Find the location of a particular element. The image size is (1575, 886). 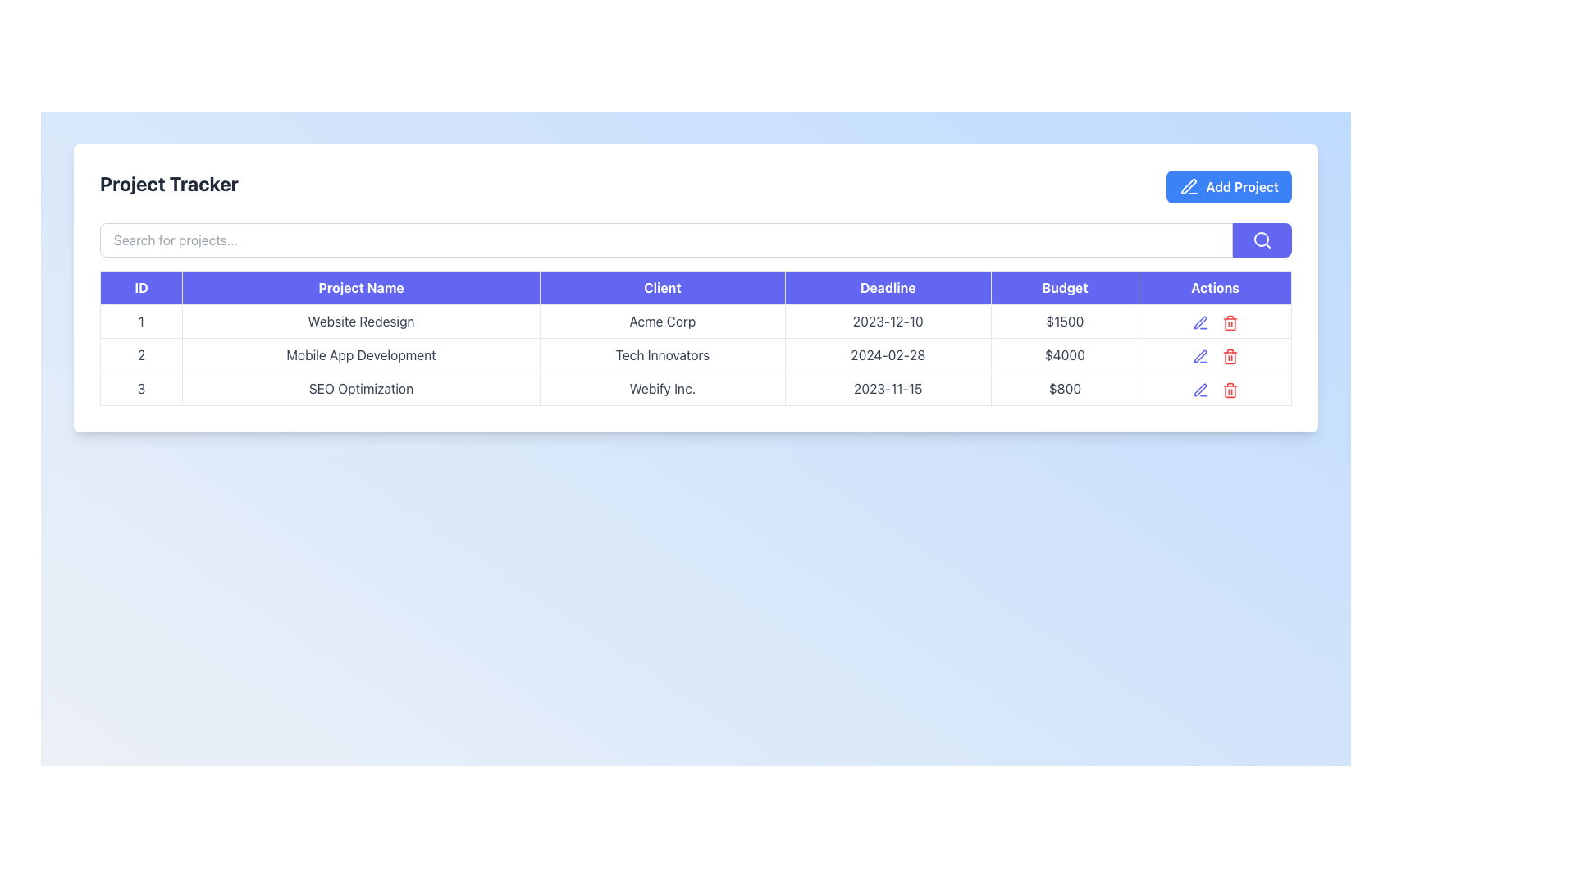

the table cell displaying the date '2023-11-15' in the 'Deadline' column of the last row is located at coordinates (887, 389).